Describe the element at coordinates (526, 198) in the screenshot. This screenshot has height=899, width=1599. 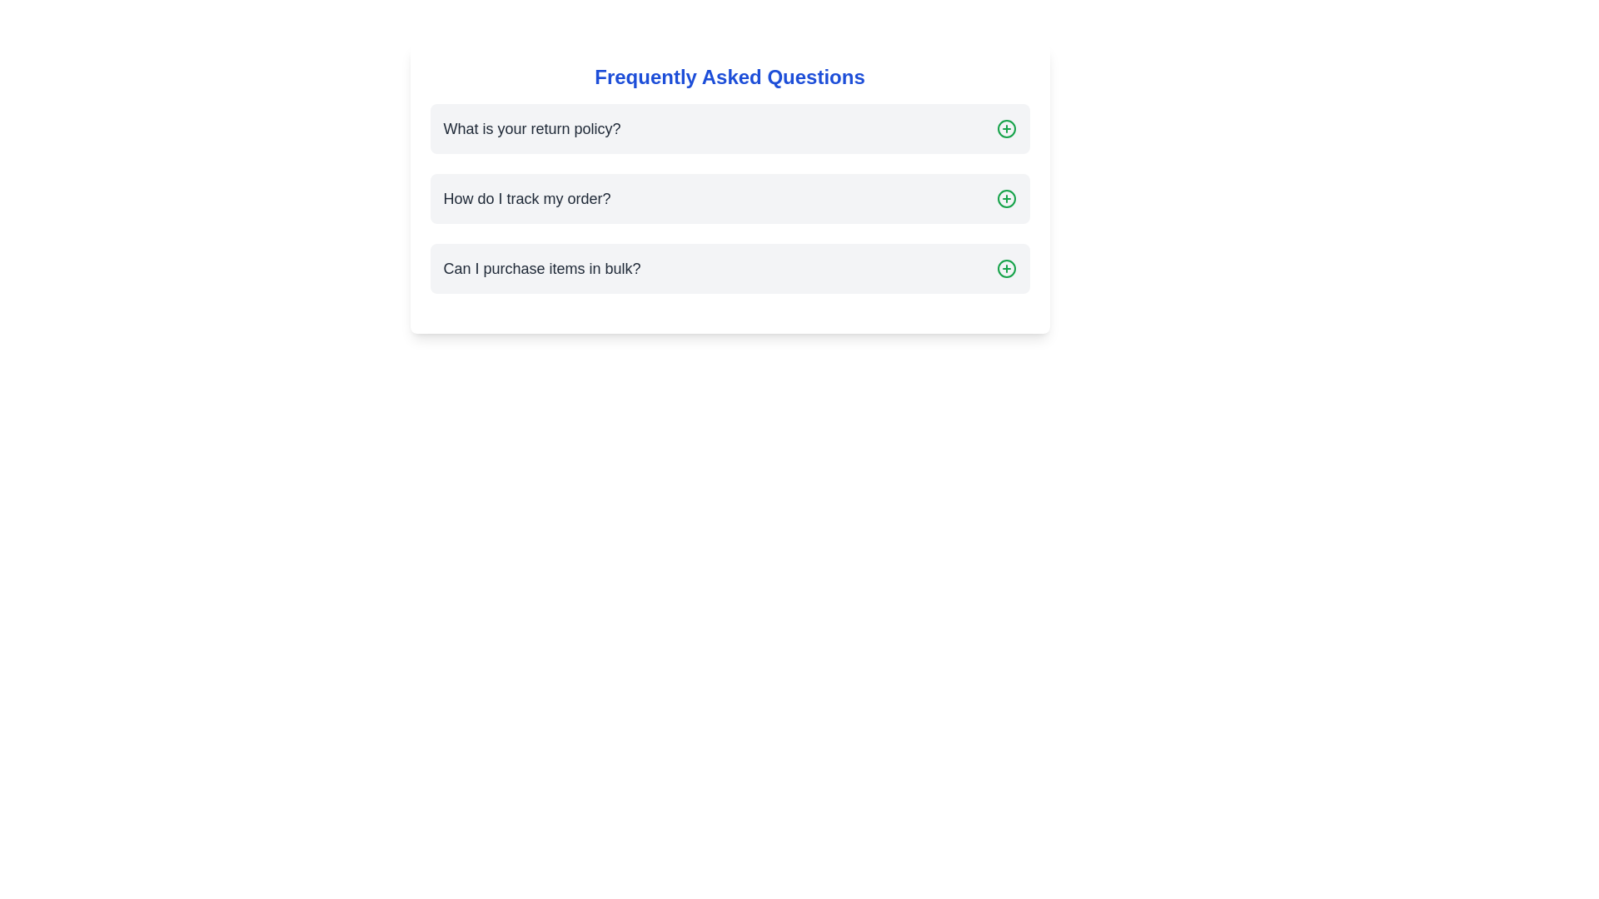
I see `the Text label that serves as the question header in the FAQ section, positioned as the second question option in the middle row` at that location.